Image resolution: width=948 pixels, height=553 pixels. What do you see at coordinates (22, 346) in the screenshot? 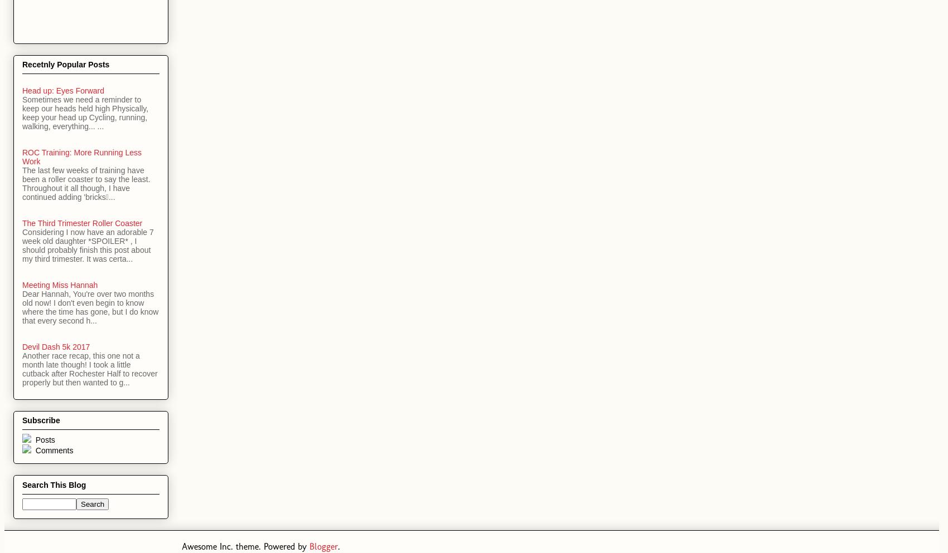
I see `'Devil Dash 5k 2017'` at bounding box center [22, 346].